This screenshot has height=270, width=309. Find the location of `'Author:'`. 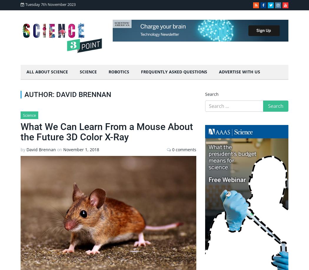

'Author:' is located at coordinates (24, 94).